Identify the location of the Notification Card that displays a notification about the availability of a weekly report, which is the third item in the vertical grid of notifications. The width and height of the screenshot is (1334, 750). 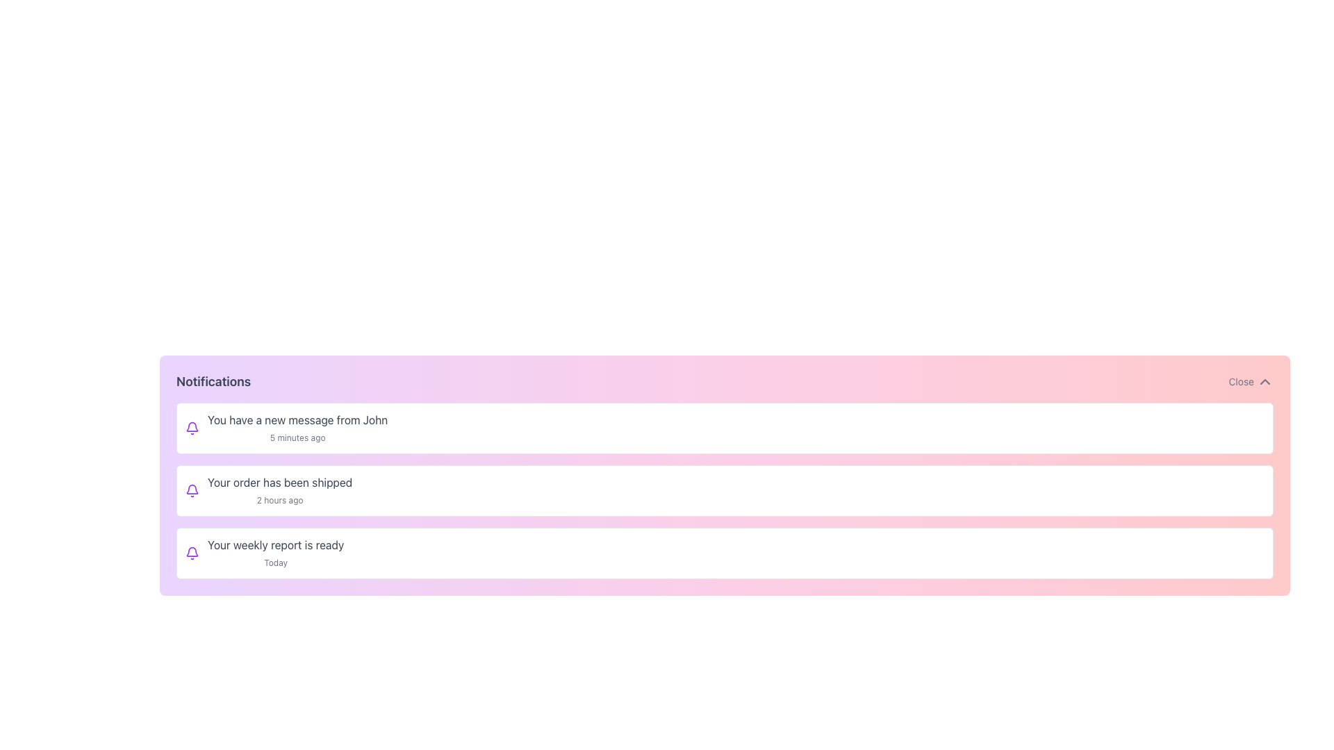
(724, 553).